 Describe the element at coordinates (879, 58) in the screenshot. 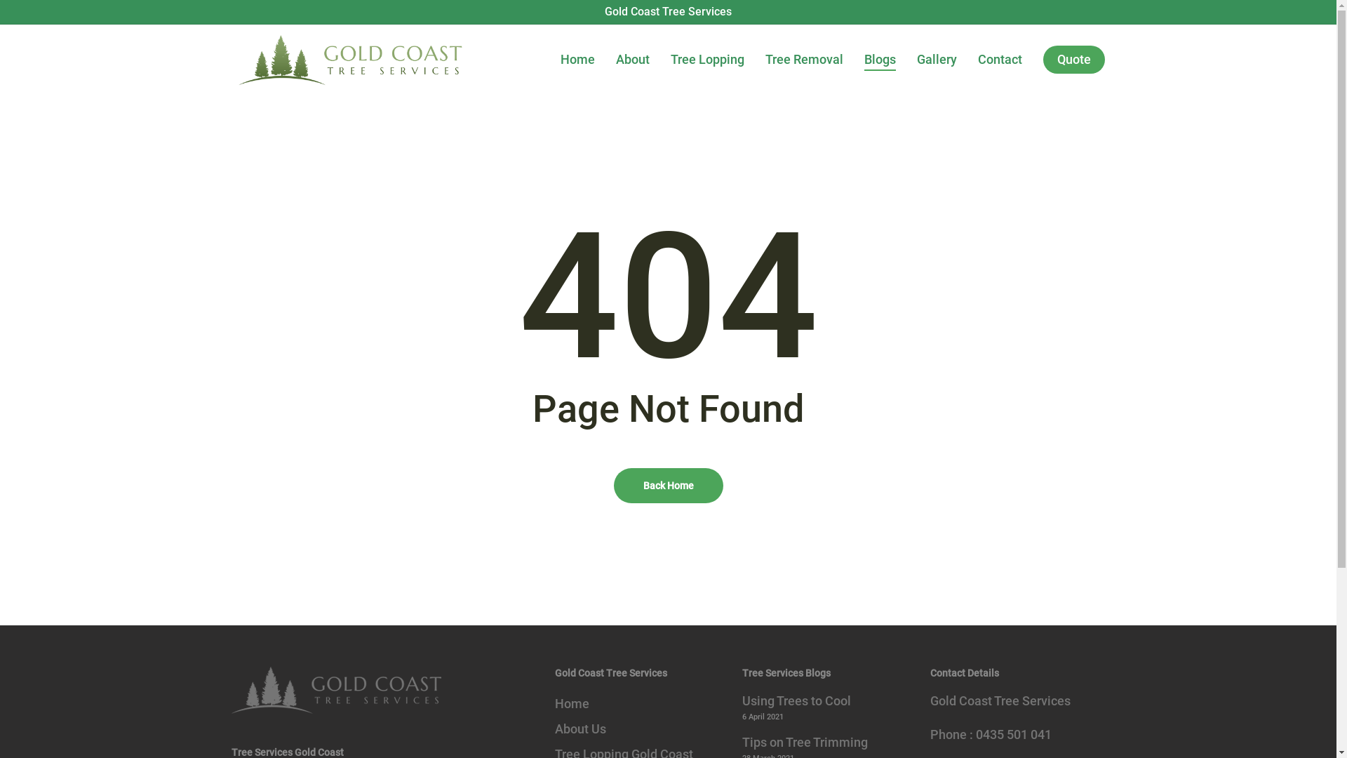

I see `'Blogs'` at that location.